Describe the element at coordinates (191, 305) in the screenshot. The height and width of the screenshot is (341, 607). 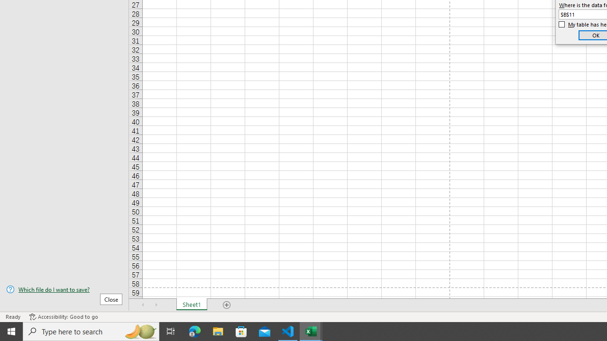
I see `'Sheet1'` at that location.